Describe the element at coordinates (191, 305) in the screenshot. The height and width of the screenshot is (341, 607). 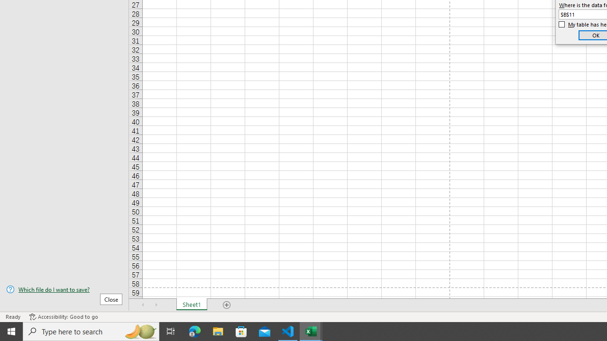
I see `'Sheet1'` at that location.